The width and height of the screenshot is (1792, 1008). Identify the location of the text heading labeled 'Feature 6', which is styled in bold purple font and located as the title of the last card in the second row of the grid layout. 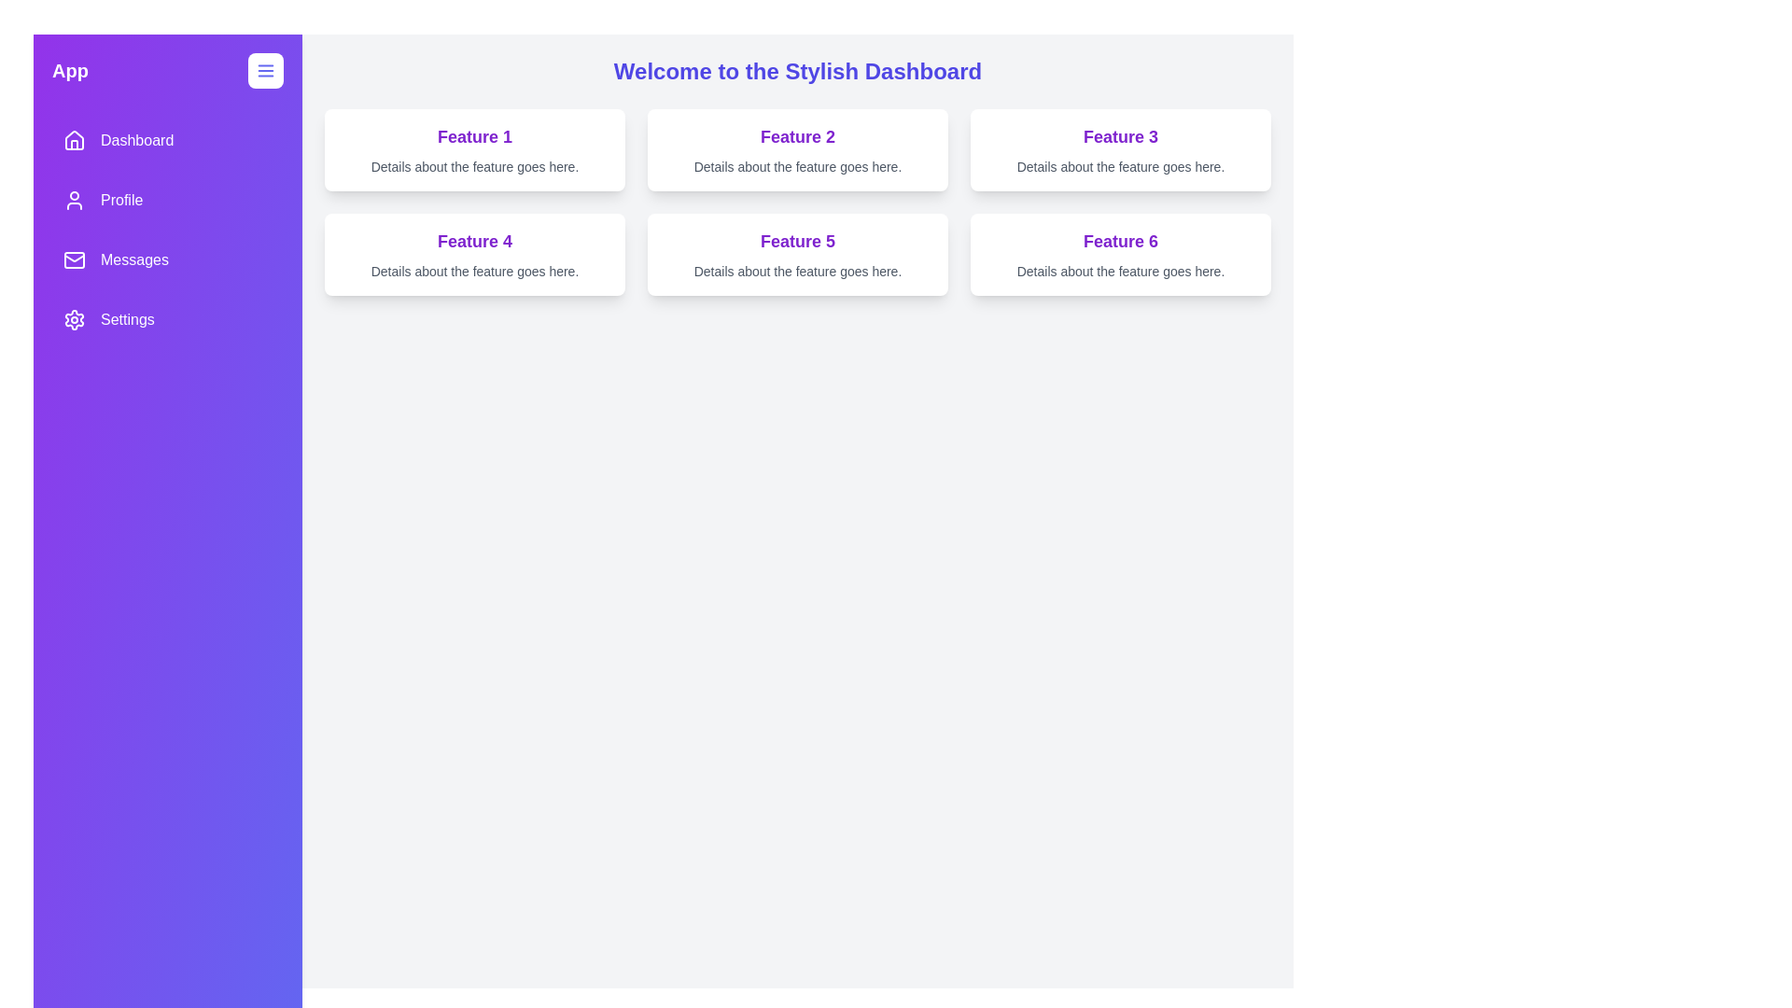
(1120, 240).